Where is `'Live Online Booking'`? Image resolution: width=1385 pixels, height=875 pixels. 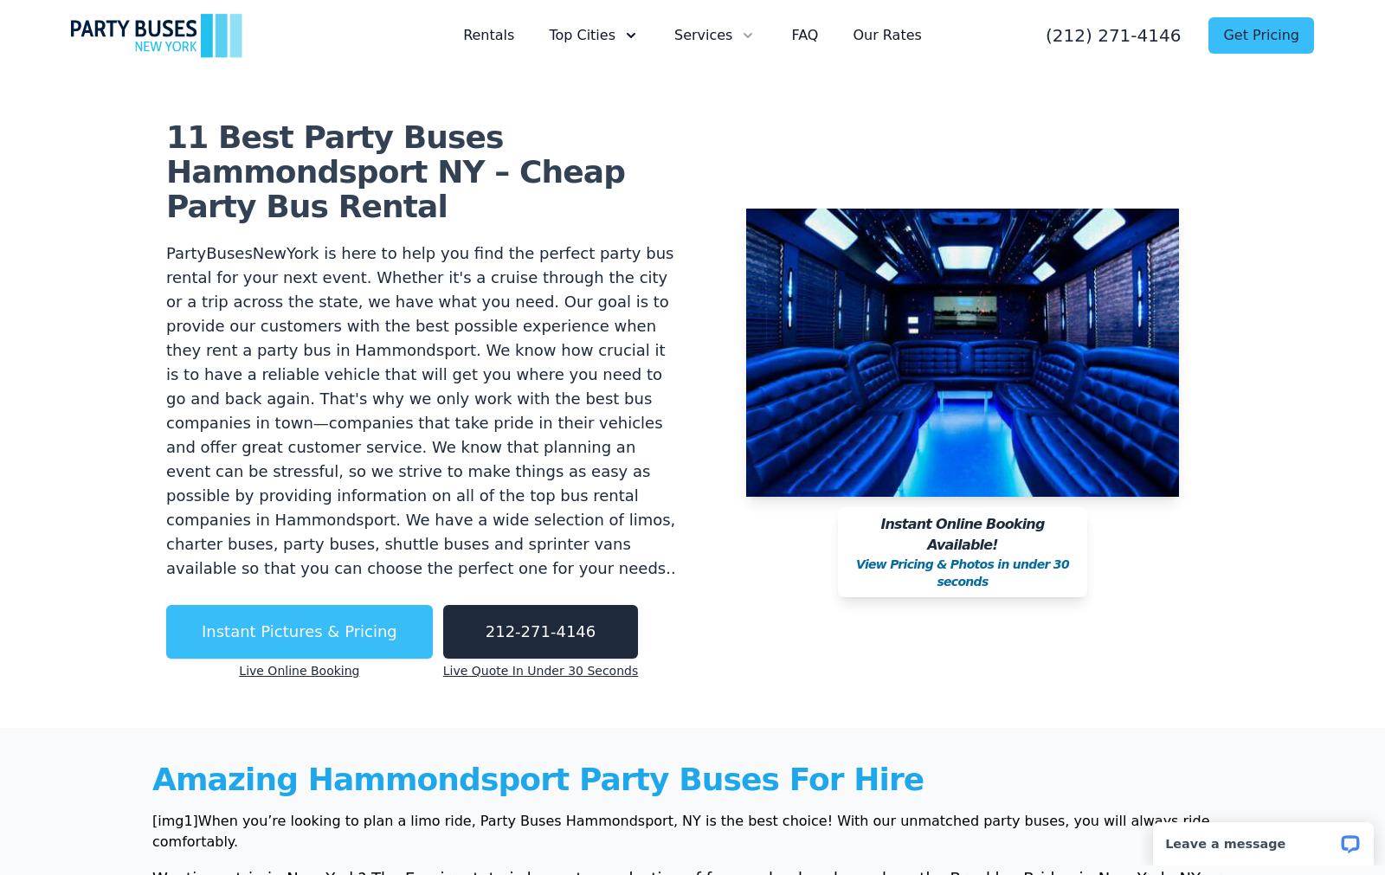 'Live Online Booking' is located at coordinates (239, 669).